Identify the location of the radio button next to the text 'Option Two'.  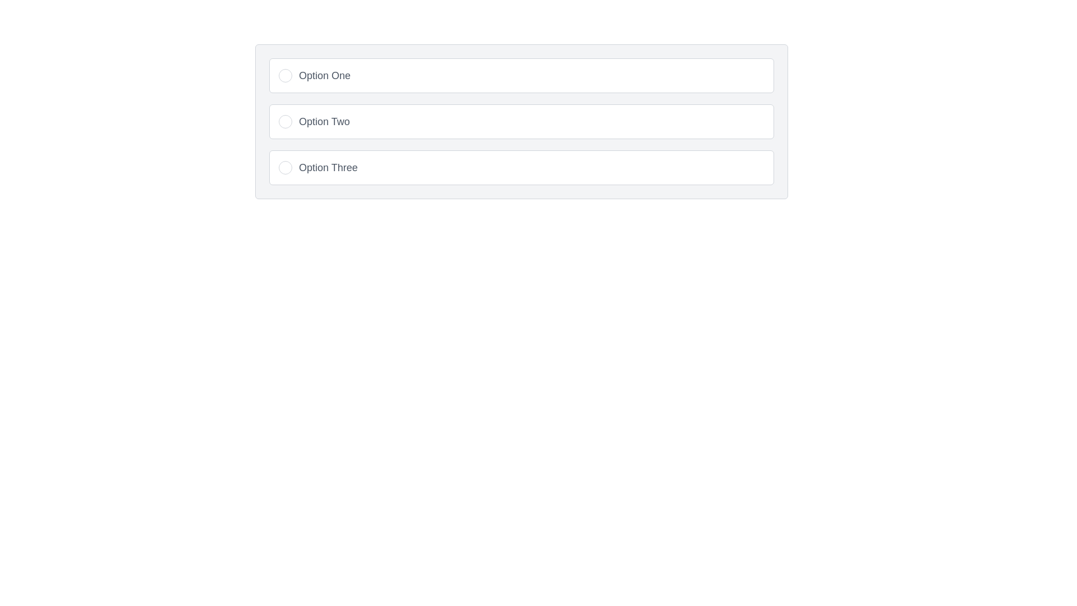
(285, 121).